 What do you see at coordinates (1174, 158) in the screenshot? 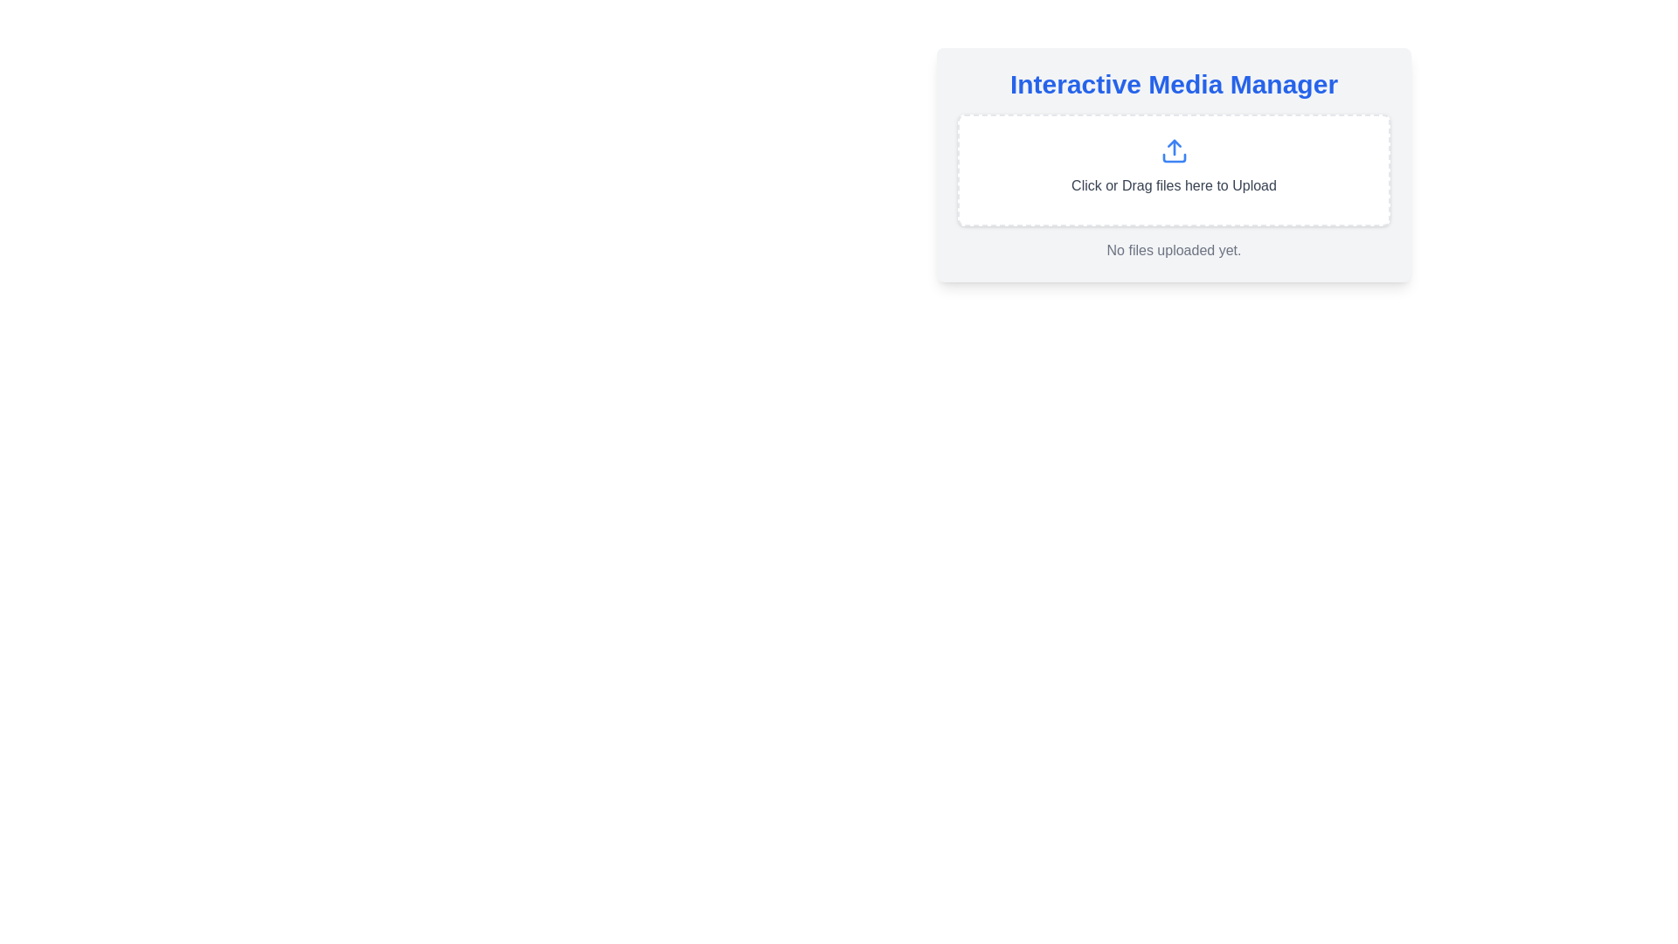
I see `the blue horizontal line segment of the upload icon, which is centrally located below the upward-pointing triangle and vertical line, within the 'Interactive Media Manager' upload section` at bounding box center [1174, 158].